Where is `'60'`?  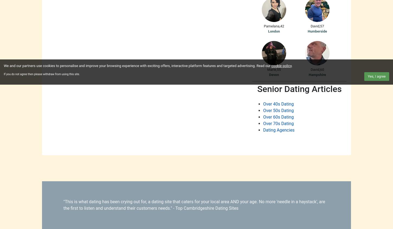
'60' is located at coordinates (321, 69).